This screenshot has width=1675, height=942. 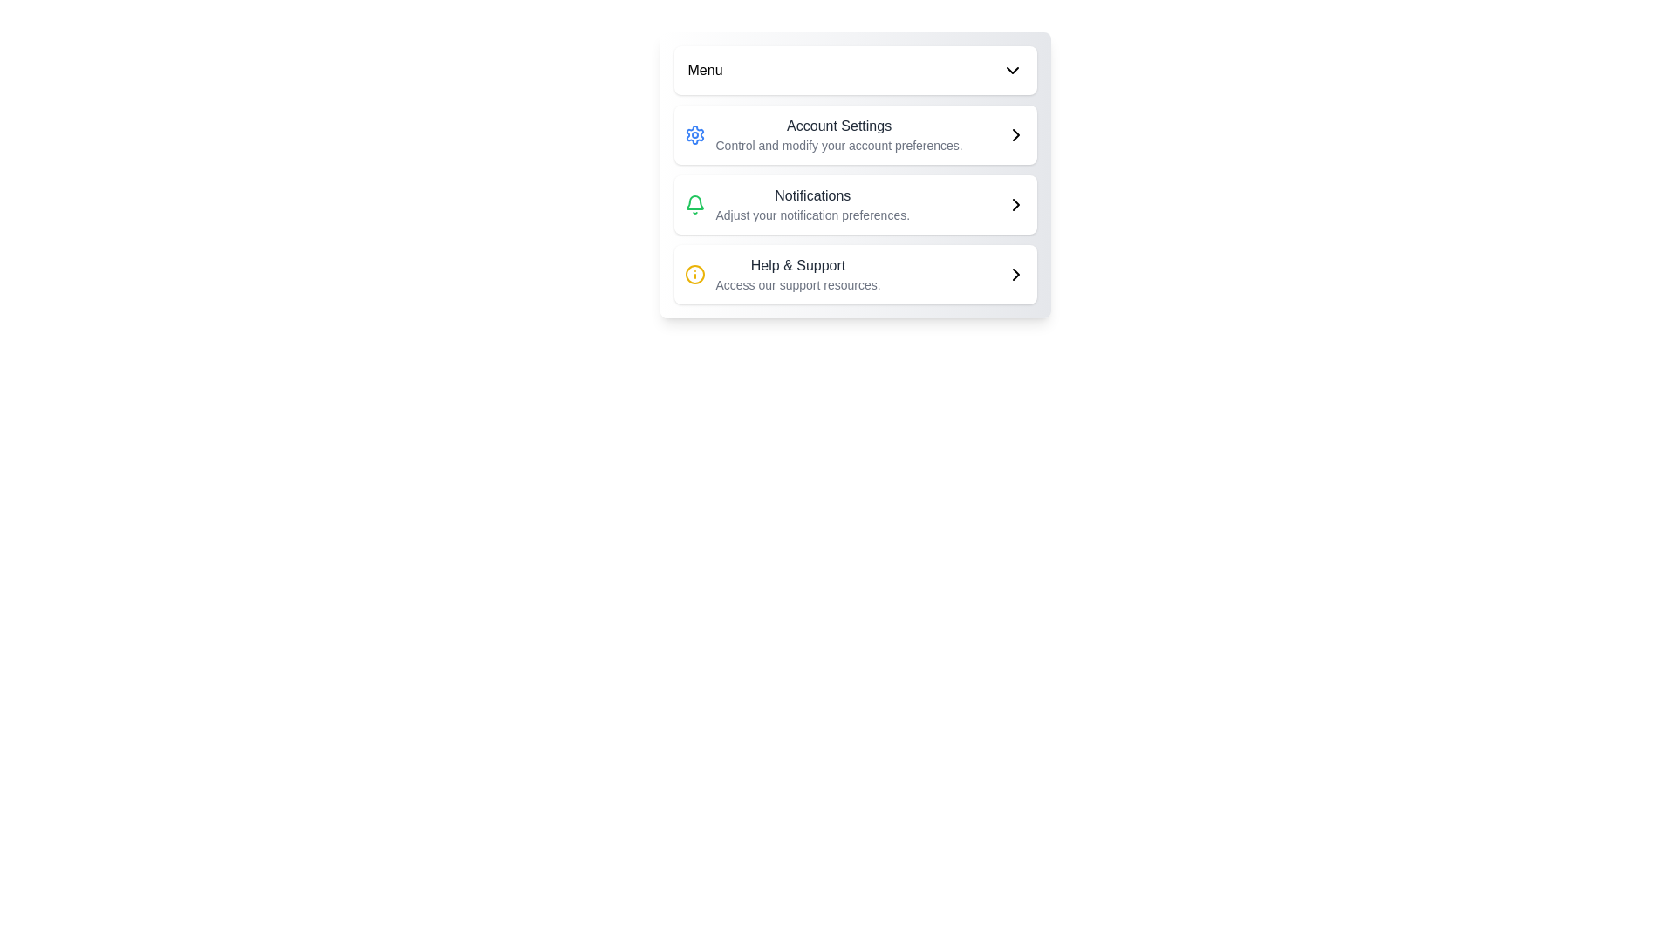 I want to click on the settings icon located in the 'Account Settings' block, which is the first item on the left, to access and modify account preferences, so click(x=694, y=133).